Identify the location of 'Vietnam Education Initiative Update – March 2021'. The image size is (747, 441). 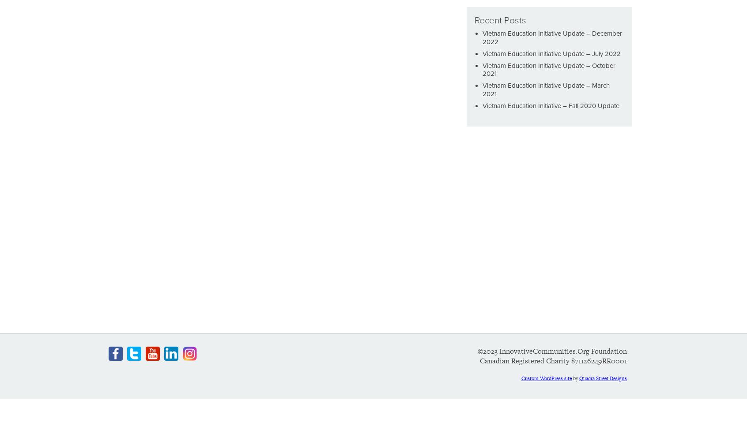
(483, 89).